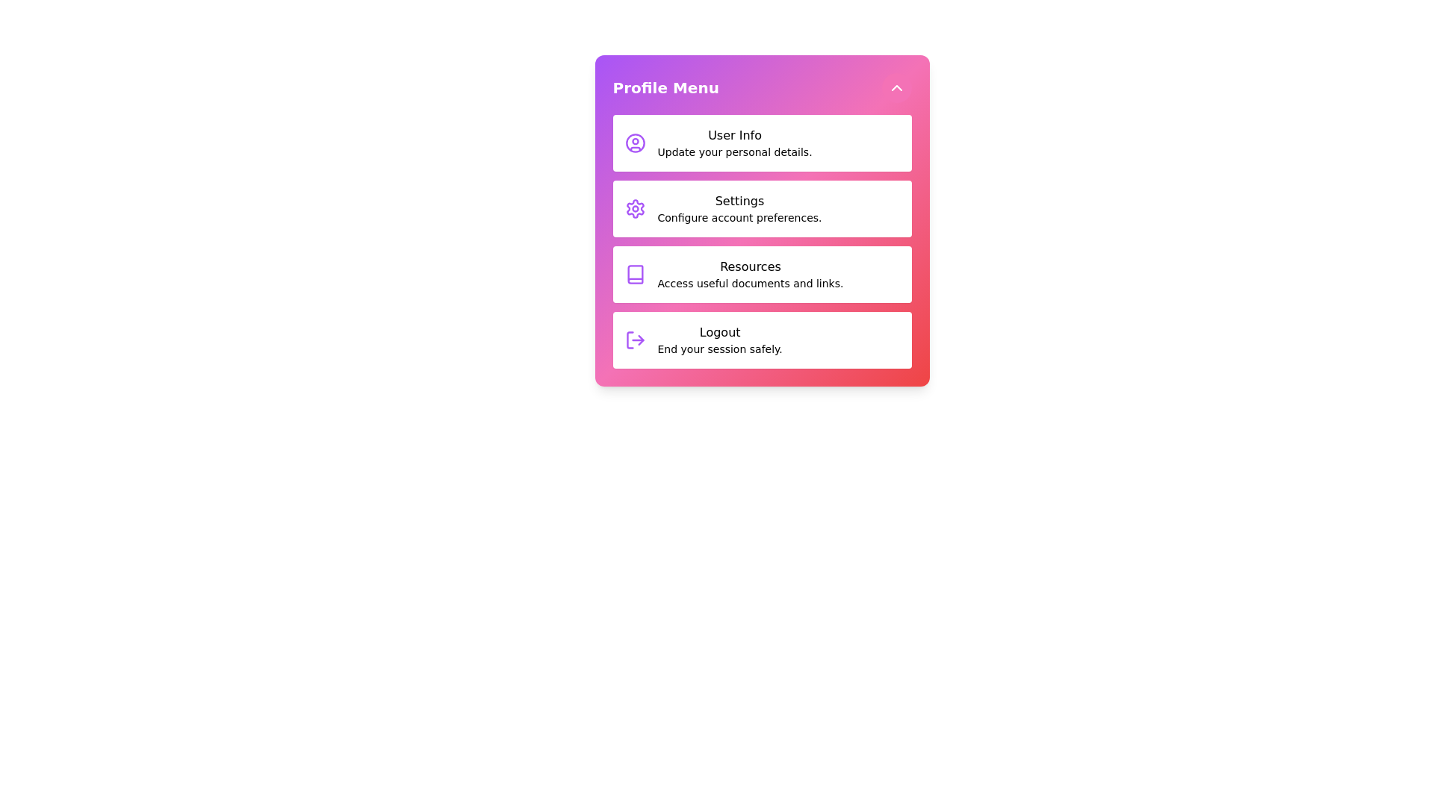 This screenshot has width=1434, height=806. Describe the element at coordinates (762, 143) in the screenshot. I see `the menu item User Info from the profile menu` at that location.